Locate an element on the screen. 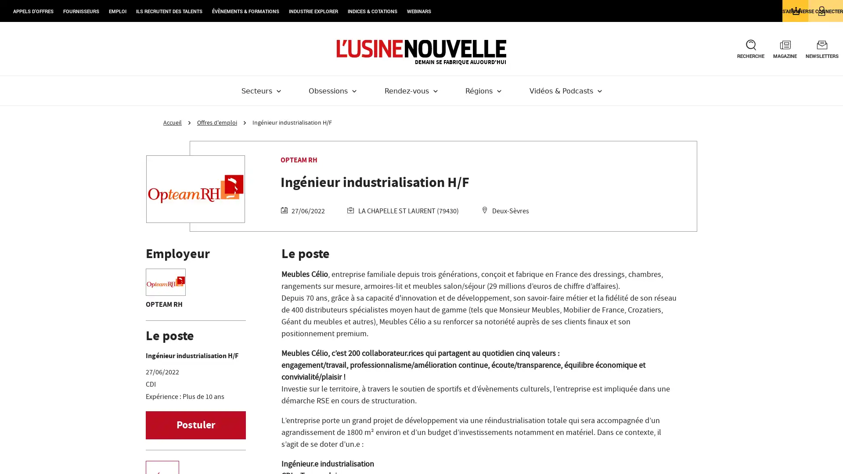 Image resolution: width=843 pixels, height=474 pixels. Postuler is located at coordinates (195, 424).